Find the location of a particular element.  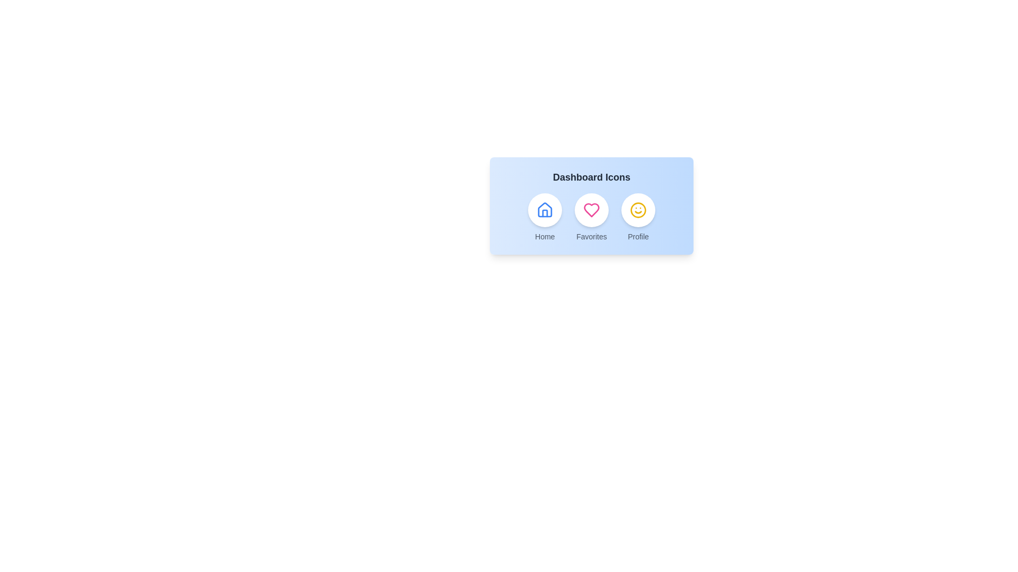

the circular button with a blue house icon is located at coordinates (545, 210).